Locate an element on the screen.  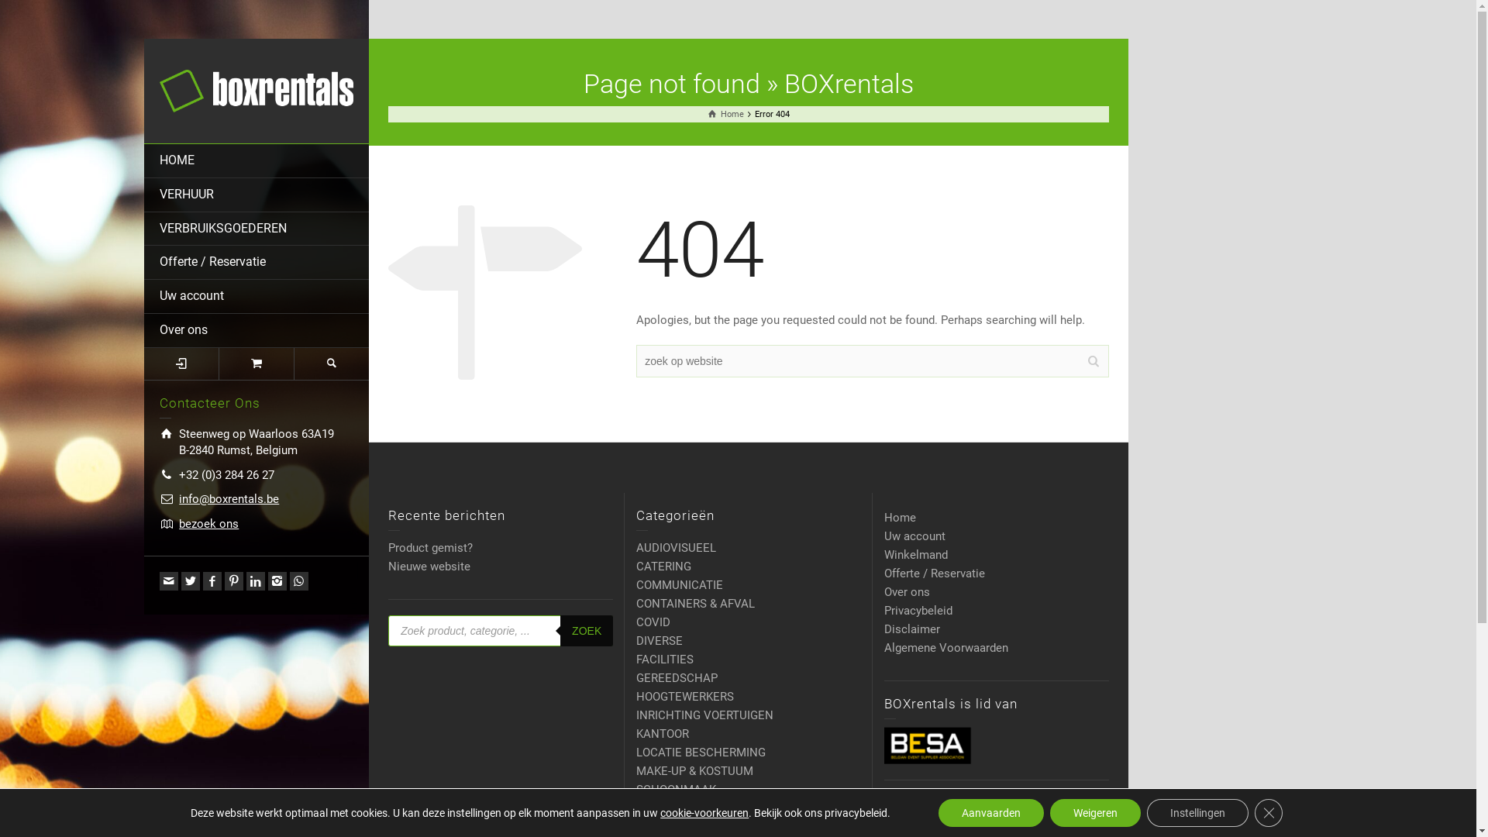
'Product gemist?' is located at coordinates (430, 546).